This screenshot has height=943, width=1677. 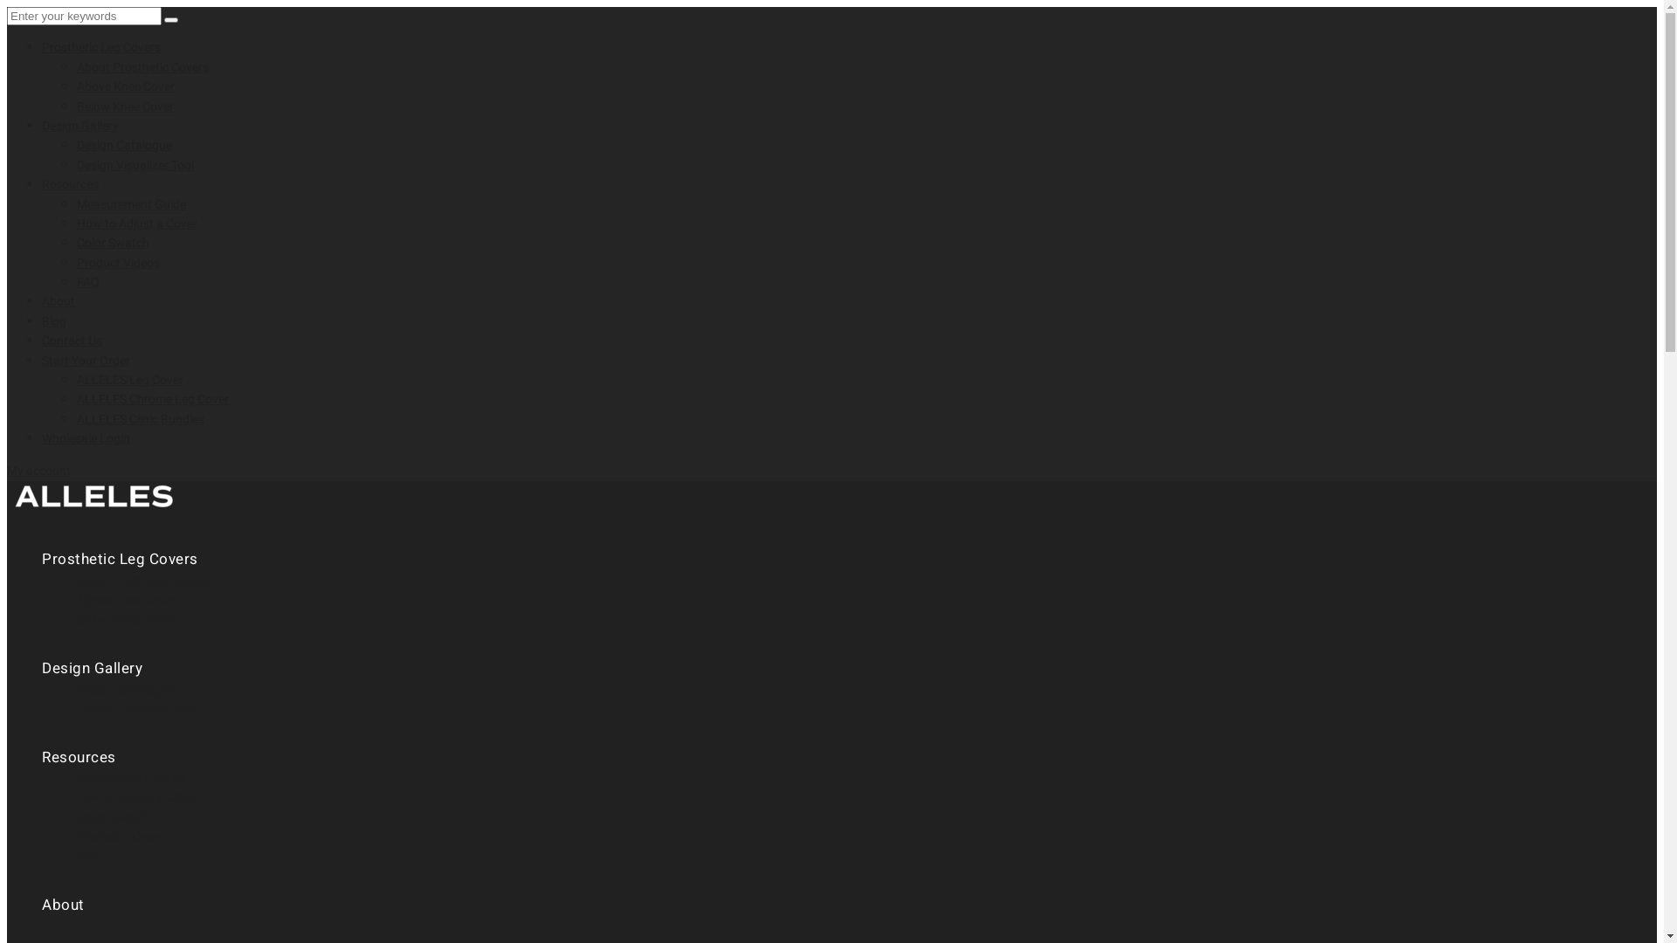 What do you see at coordinates (71, 341) in the screenshot?
I see `'Contact Us'` at bounding box center [71, 341].